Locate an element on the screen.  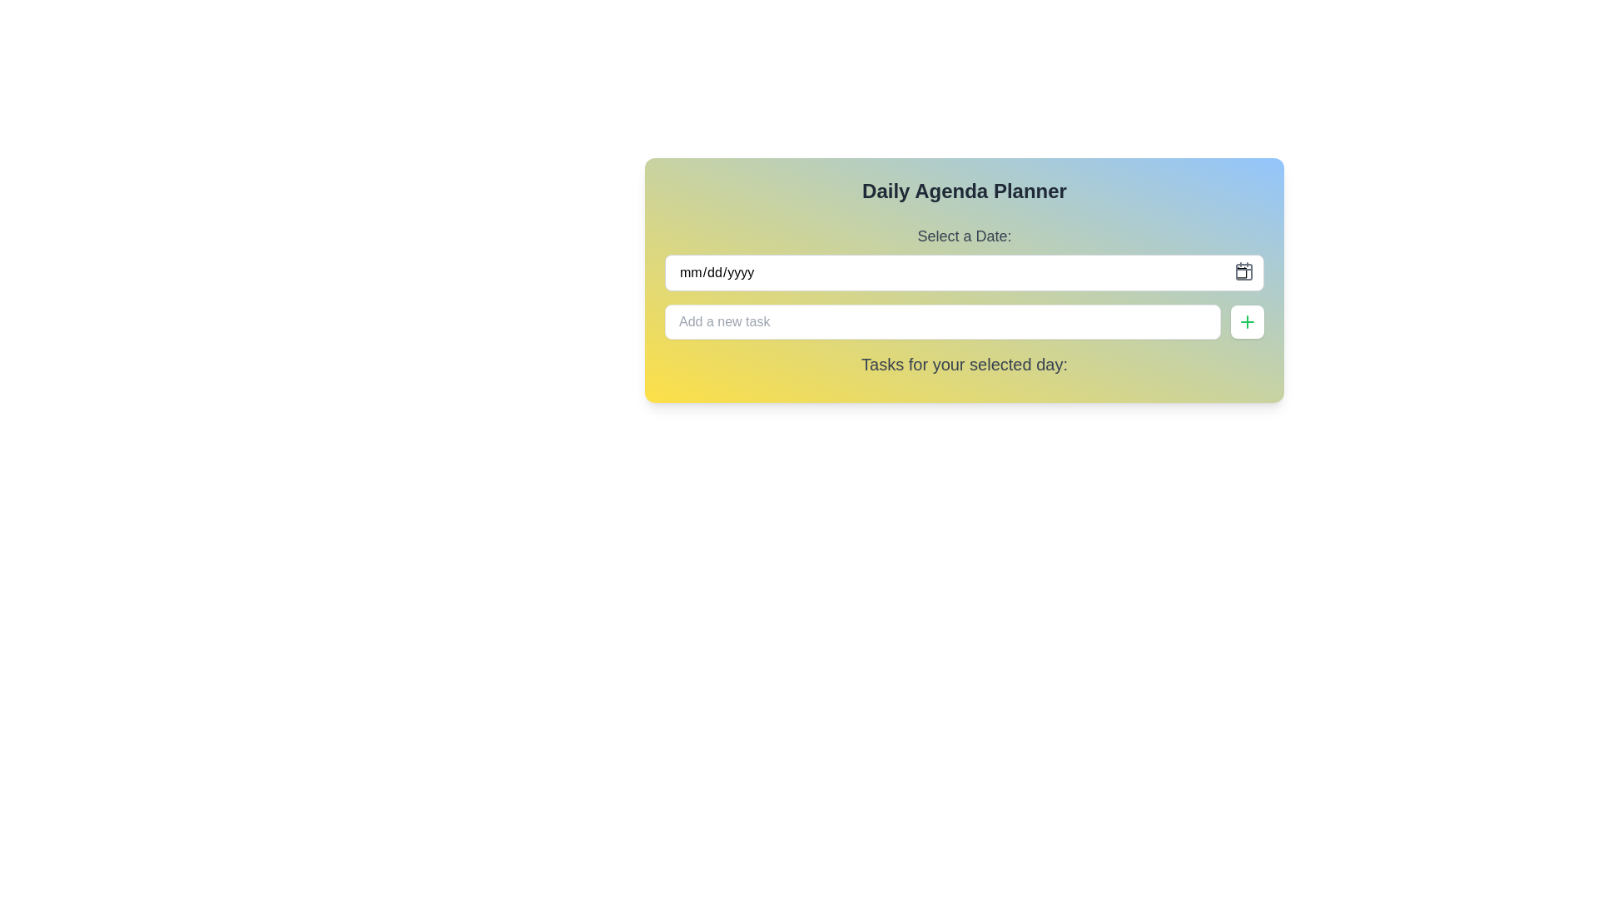
the 'Select a Date:' input field is located at coordinates (964, 257).